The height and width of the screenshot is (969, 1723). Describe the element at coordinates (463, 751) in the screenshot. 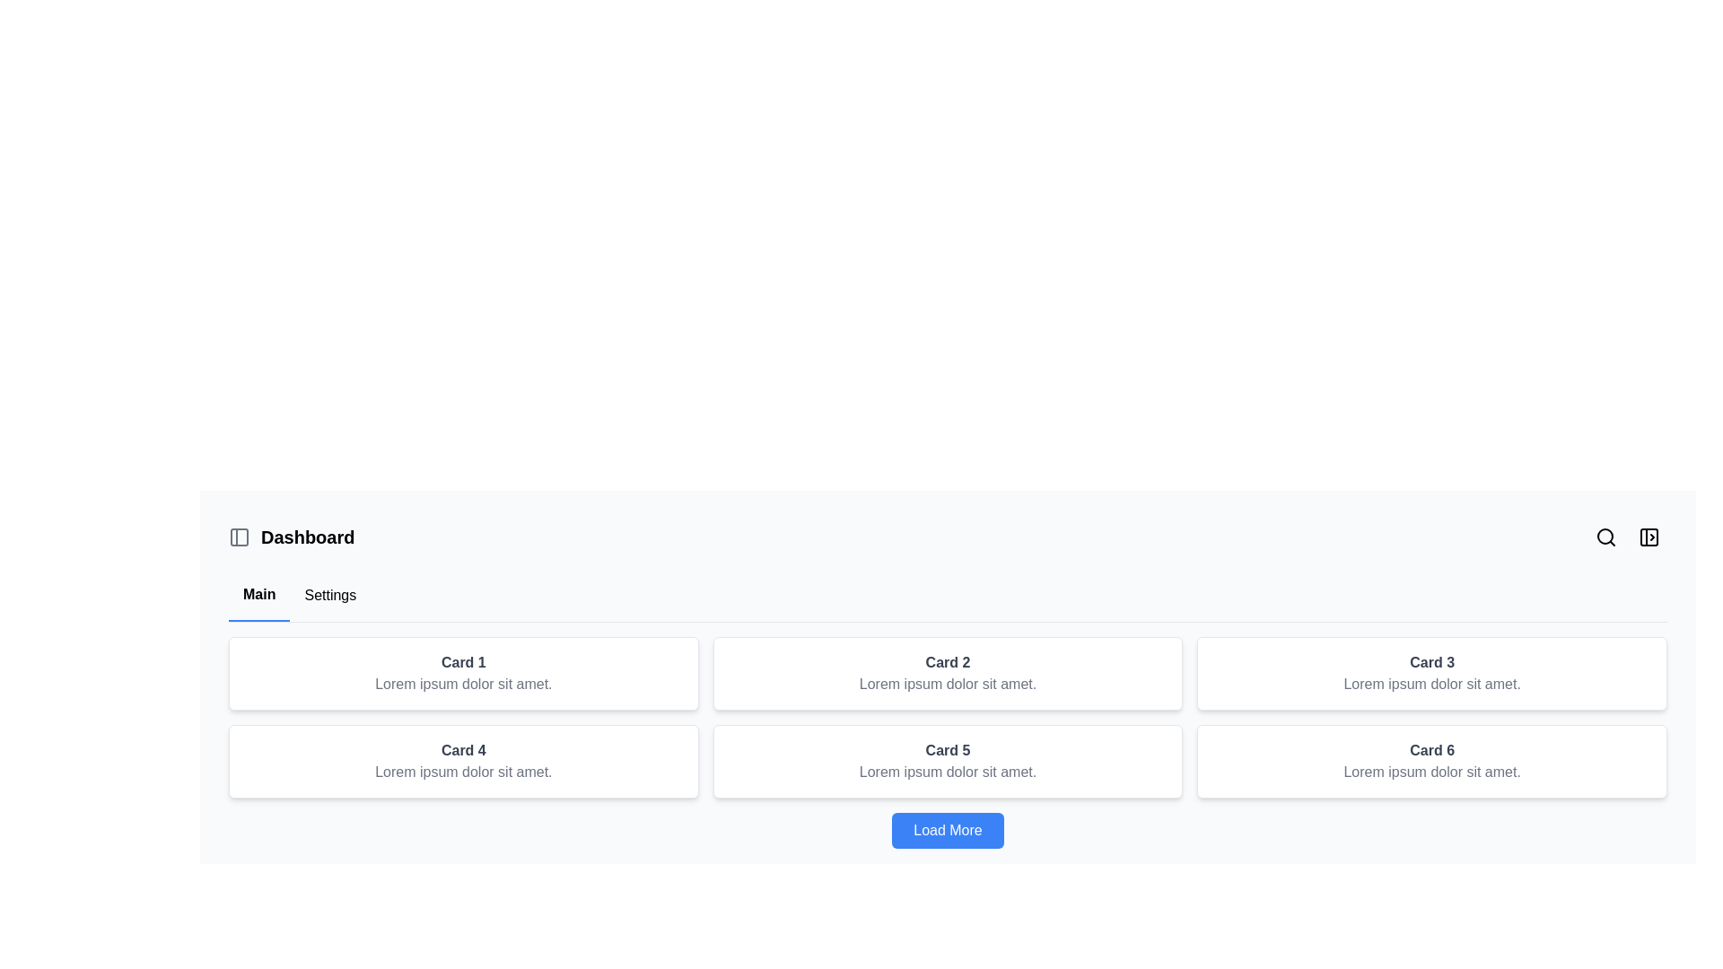

I see `text displayed in bold styling that says 'Card 4', which is located in the second card of the second row in the grid layout` at that location.